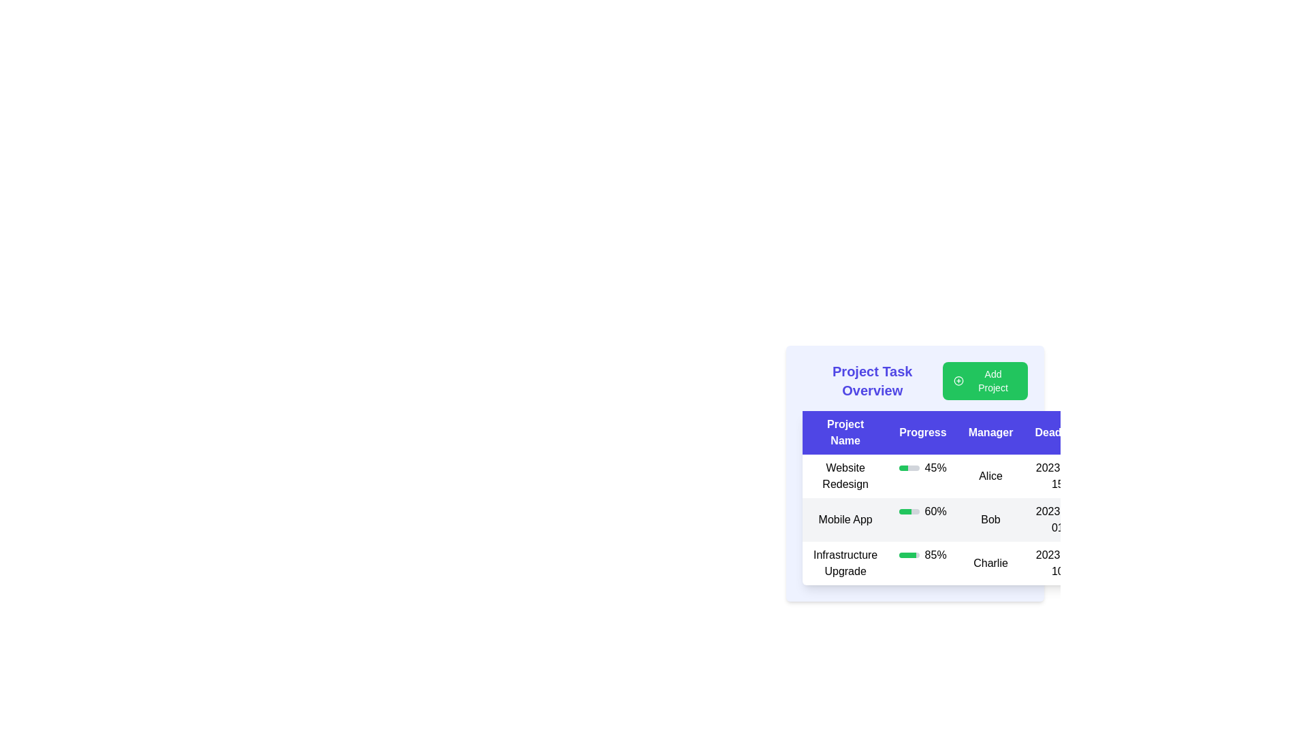 The width and height of the screenshot is (1307, 735). What do you see at coordinates (915, 472) in the screenshot?
I see `the Progress bar indicating '45%' for the 'Website Redesign' task, located in the first row of the table under the 'Progress' column` at bounding box center [915, 472].